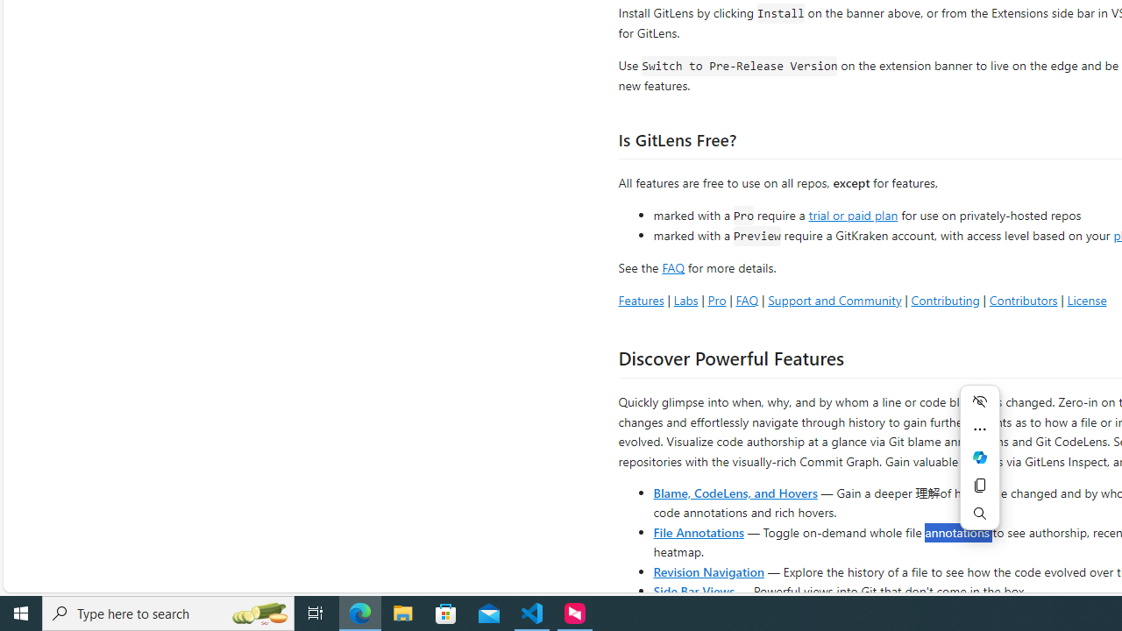  Describe the element at coordinates (747, 299) in the screenshot. I see `'FAQ'` at that location.